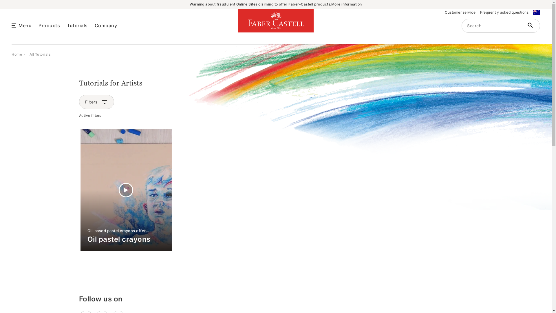 The width and height of the screenshot is (556, 313). I want to click on 'Frequently asked questions', so click(504, 12).